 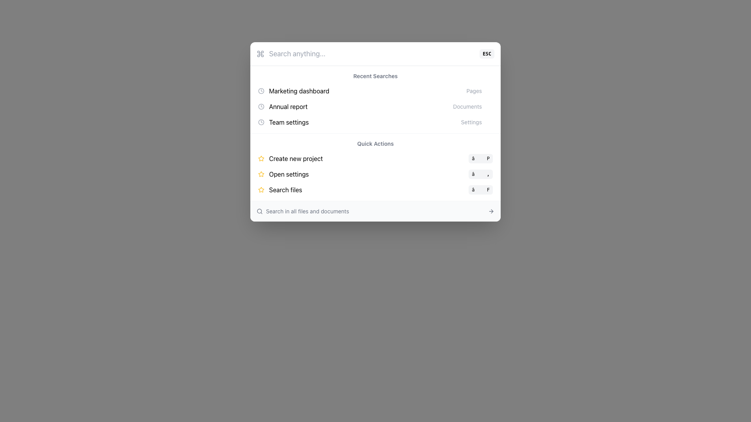 What do you see at coordinates (259, 211) in the screenshot?
I see `the circular graphic element that is part of the search icon, located near the upper-left corner of the pop-up window` at bounding box center [259, 211].